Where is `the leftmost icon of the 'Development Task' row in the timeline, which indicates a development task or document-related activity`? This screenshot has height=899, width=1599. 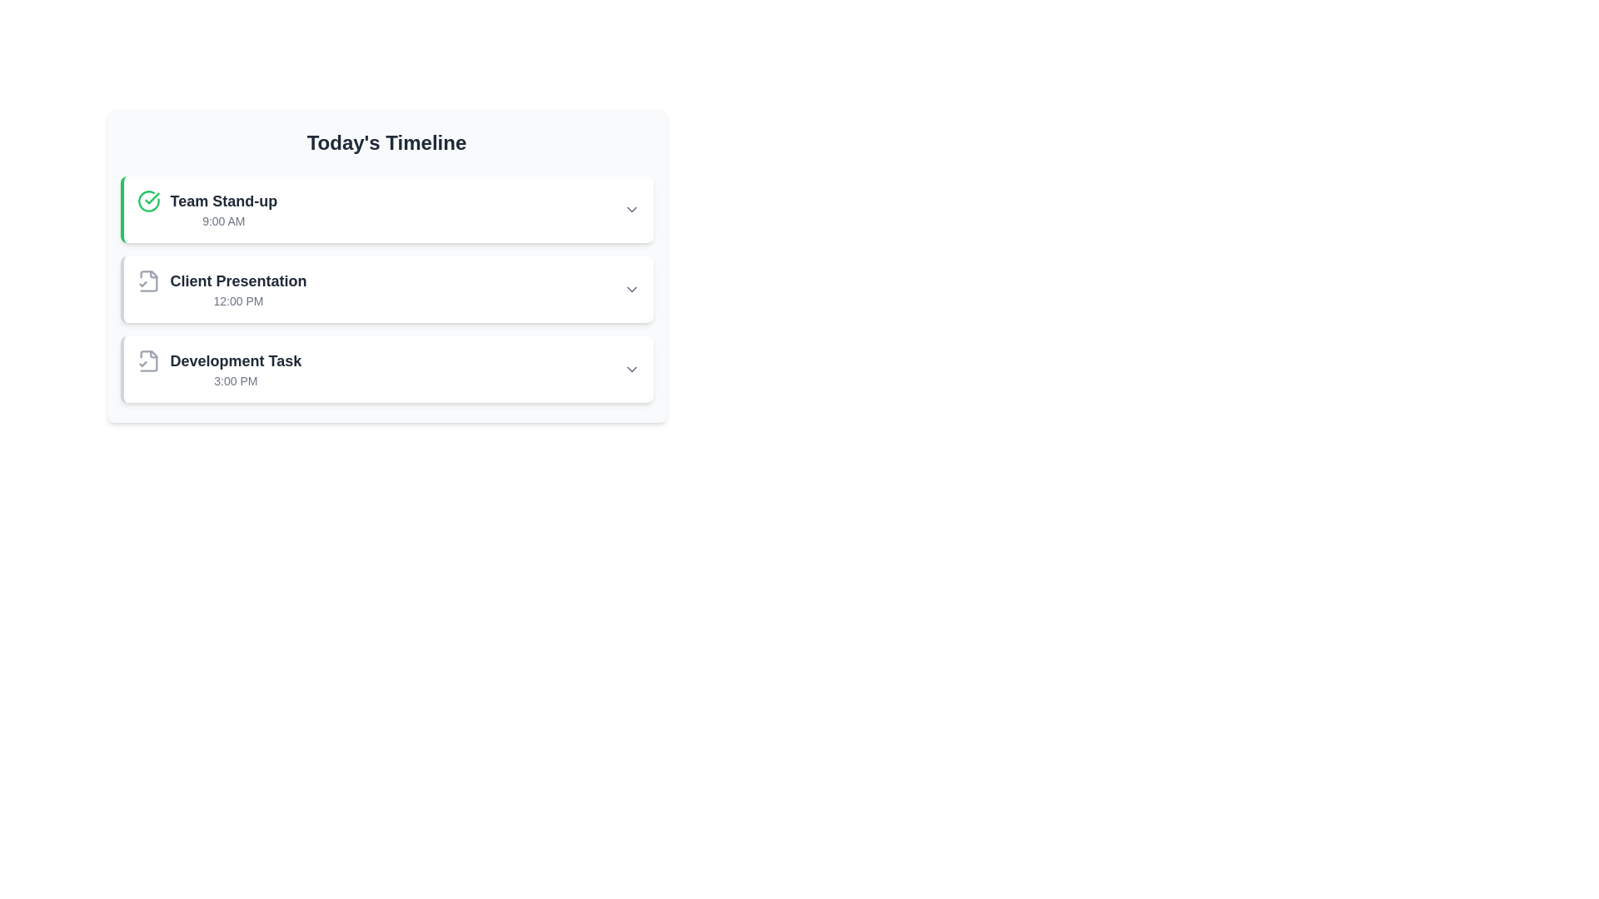
the leftmost icon of the 'Development Task' row in the timeline, which indicates a development task or document-related activity is located at coordinates (148, 281).